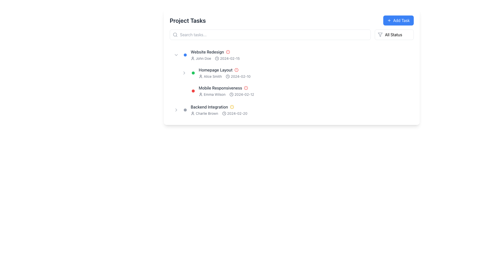 This screenshot has height=270, width=480. Describe the element at coordinates (236, 70) in the screenshot. I see `the alert indicator icon located to the right of the text 'Homepage Layout' within the 'Project Tasks' section` at that location.